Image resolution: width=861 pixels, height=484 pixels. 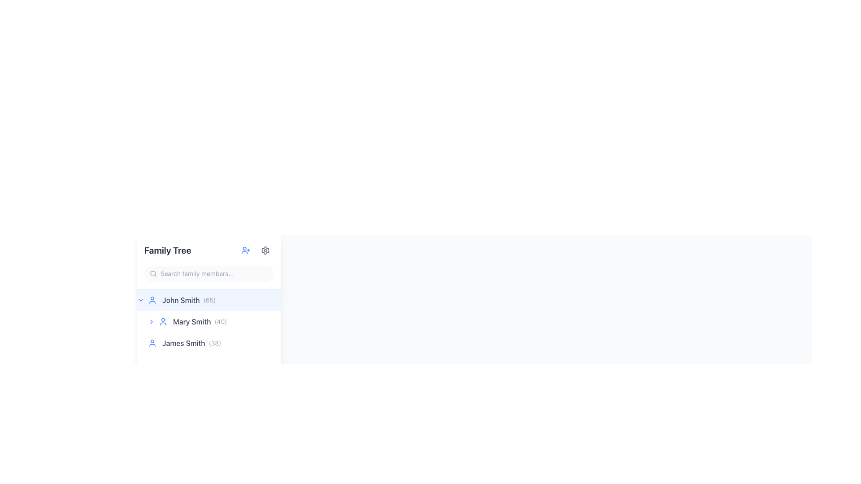 I want to click on the input field labeled 'Search family members...' adjacent to the search icon located to the left of it in the 'Family Tree' section, so click(x=153, y=273).